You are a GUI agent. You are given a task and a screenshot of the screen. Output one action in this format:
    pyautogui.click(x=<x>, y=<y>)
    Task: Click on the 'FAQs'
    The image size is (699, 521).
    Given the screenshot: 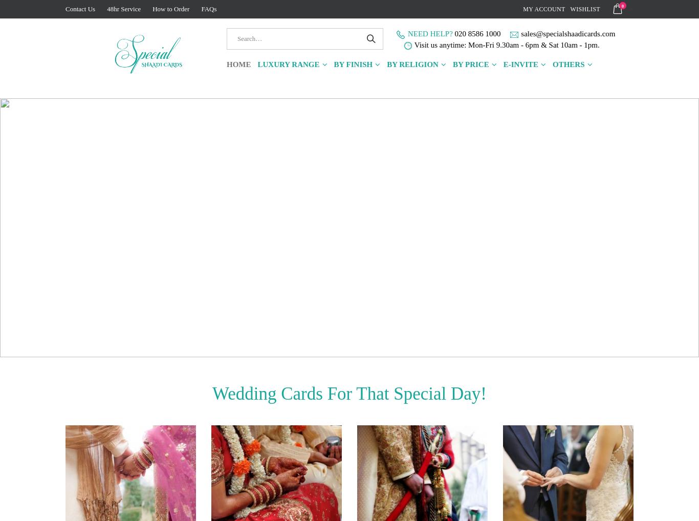 What is the action you would take?
    pyautogui.click(x=208, y=8)
    